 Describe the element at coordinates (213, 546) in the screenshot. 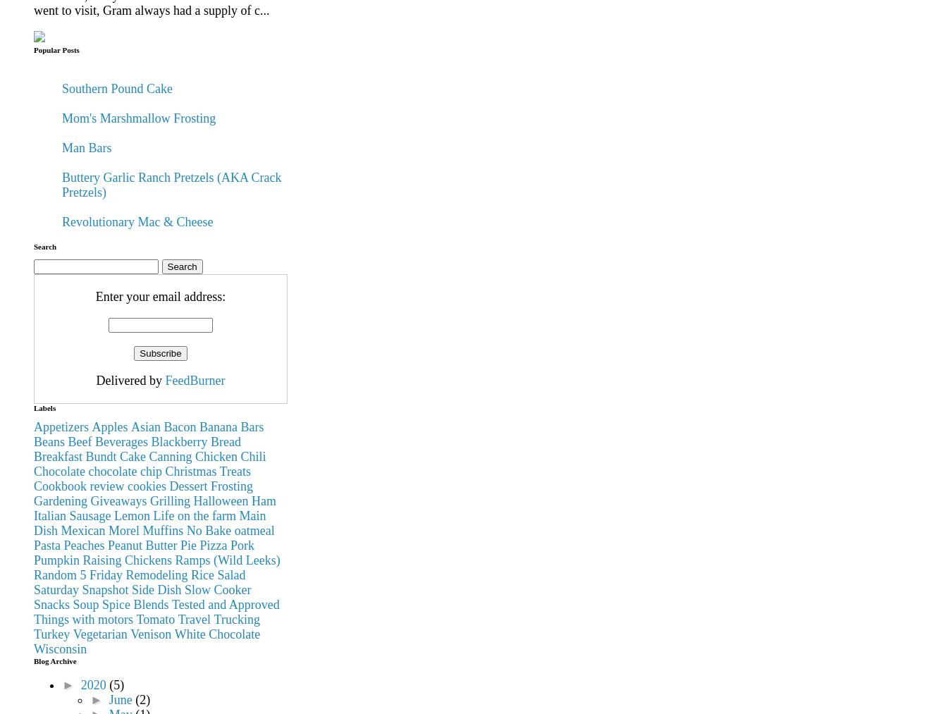

I see `'Pizza'` at that location.